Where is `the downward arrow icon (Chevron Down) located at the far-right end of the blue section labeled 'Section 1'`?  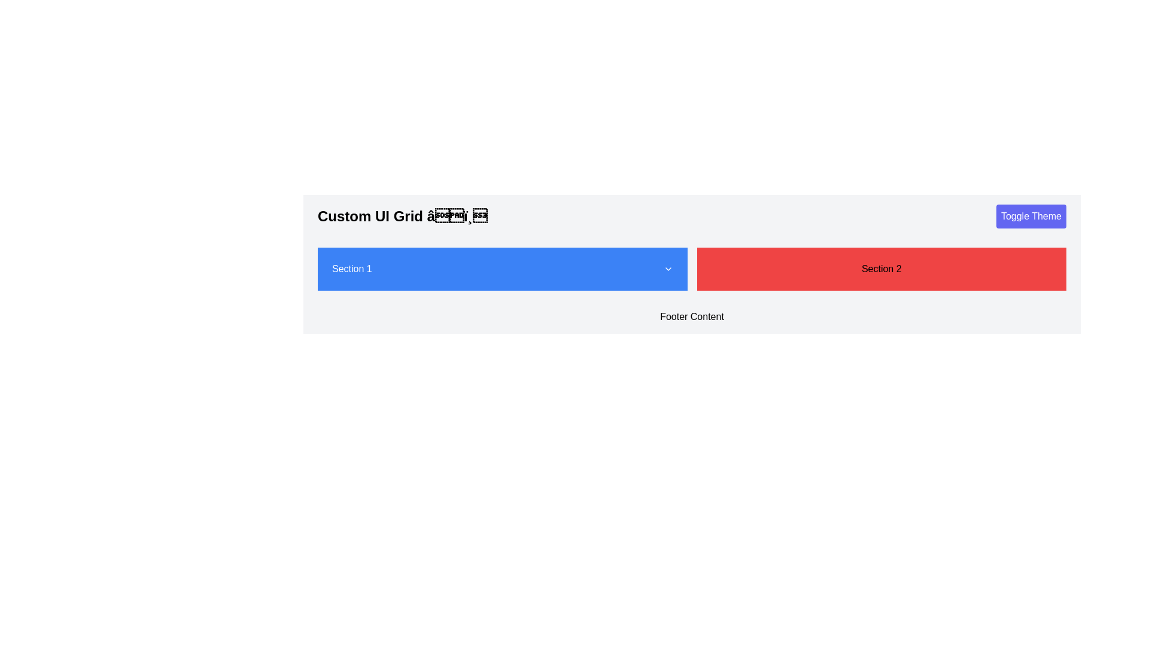
the downward arrow icon (Chevron Down) located at the far-right end of the blue section labeled 'Section 1' is located at coordinates (667, 269).